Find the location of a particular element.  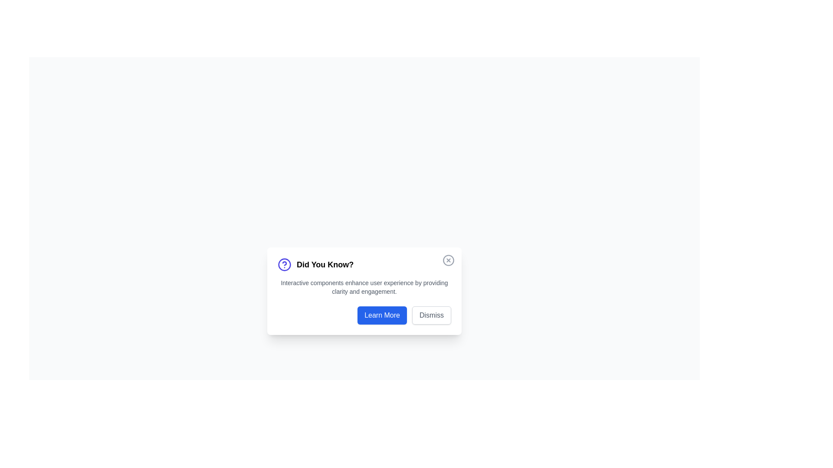

the icon to the left of the 'Did You Know?' heading in the notification dialog is located at coordinates (285, 264).